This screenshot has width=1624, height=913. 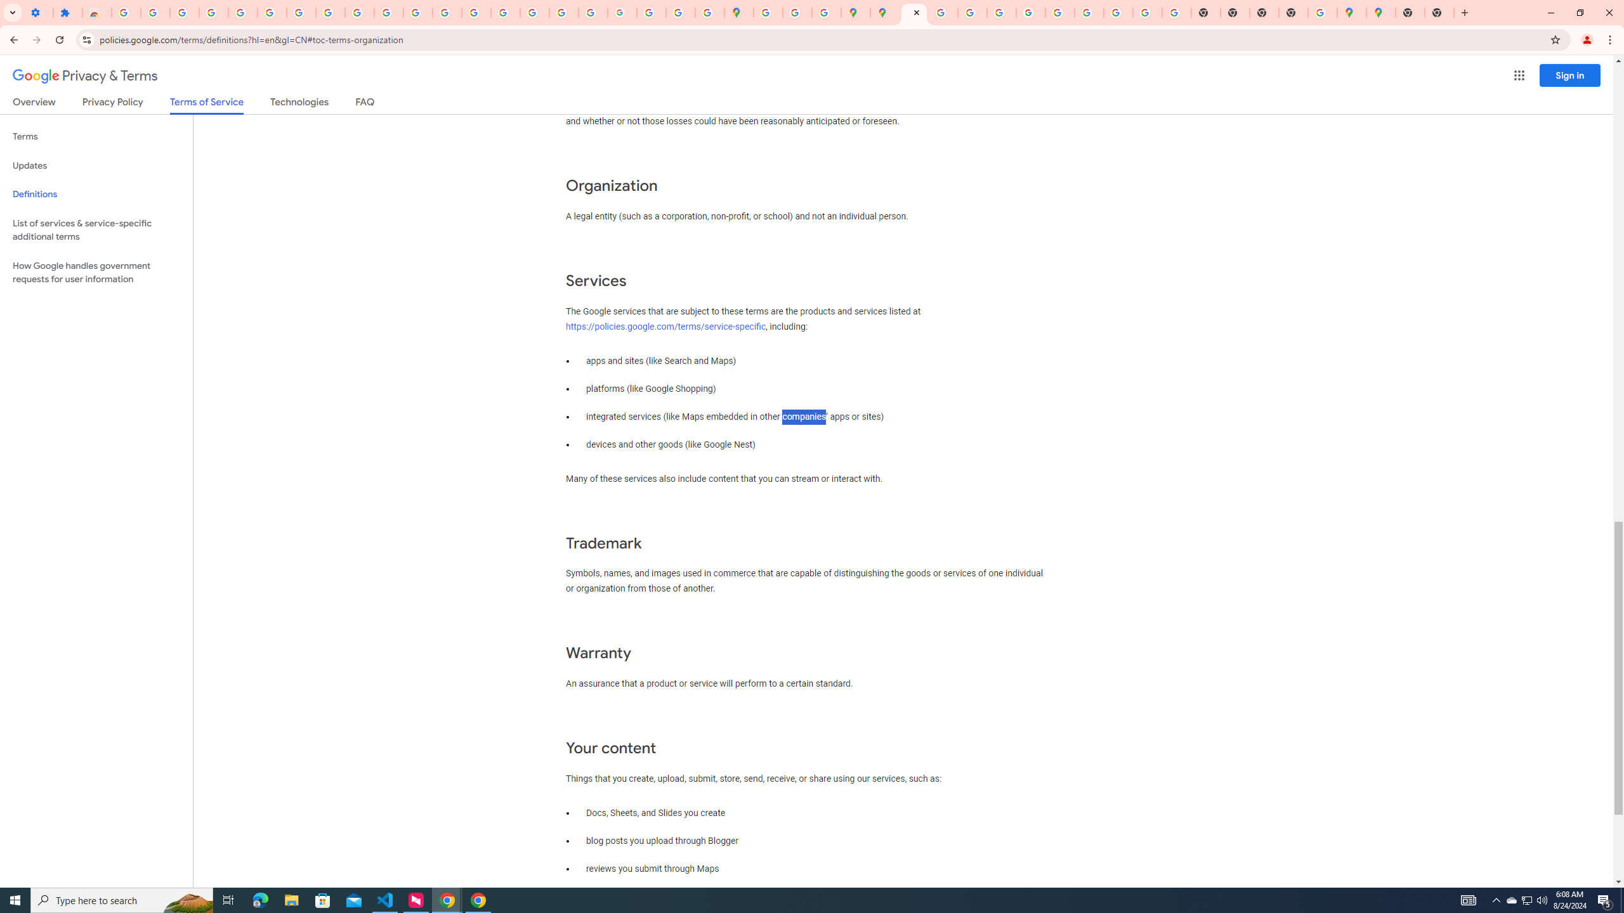 What do you see at coordinates (1380, 12) in the screenshot?
I see `'Google Maps'` at bounding box center [1380, 12].